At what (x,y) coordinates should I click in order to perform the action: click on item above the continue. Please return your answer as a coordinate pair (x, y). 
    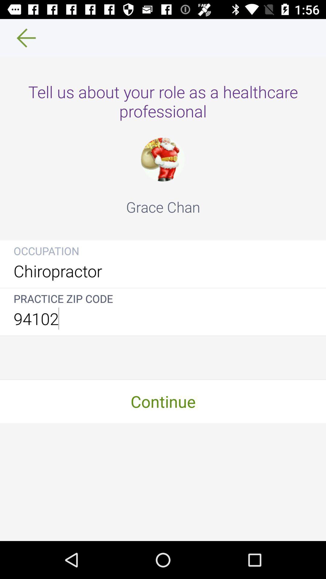
    Looking at the image, I should click on (163, 318).